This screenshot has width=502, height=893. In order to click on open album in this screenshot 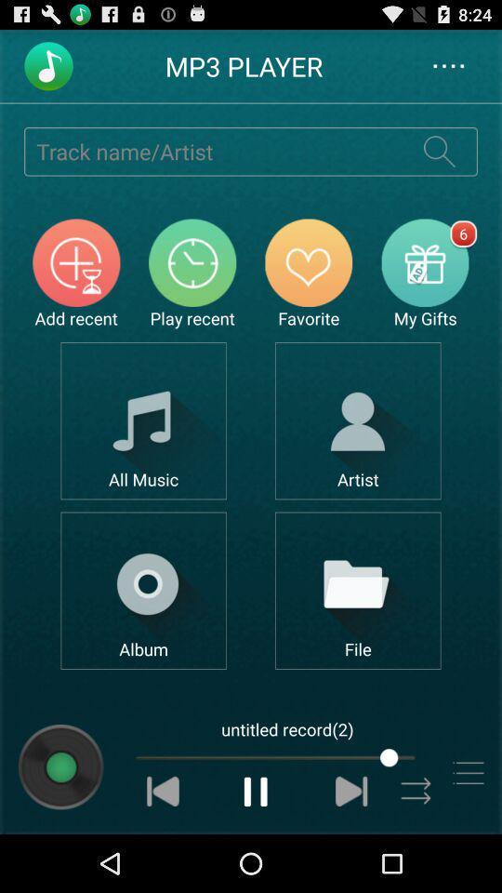, I will do `click(142, 590)`.